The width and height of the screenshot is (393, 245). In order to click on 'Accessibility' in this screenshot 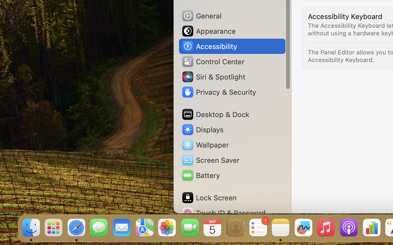, I will do `click(209, 46)`.